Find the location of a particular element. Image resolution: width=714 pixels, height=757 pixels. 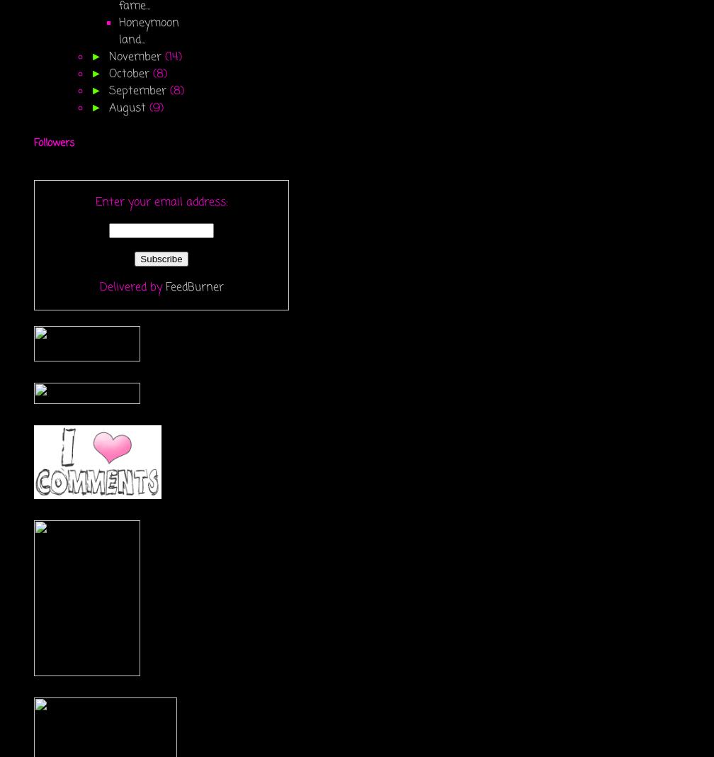

'Delivered by' is located at coordinates (99, 287).